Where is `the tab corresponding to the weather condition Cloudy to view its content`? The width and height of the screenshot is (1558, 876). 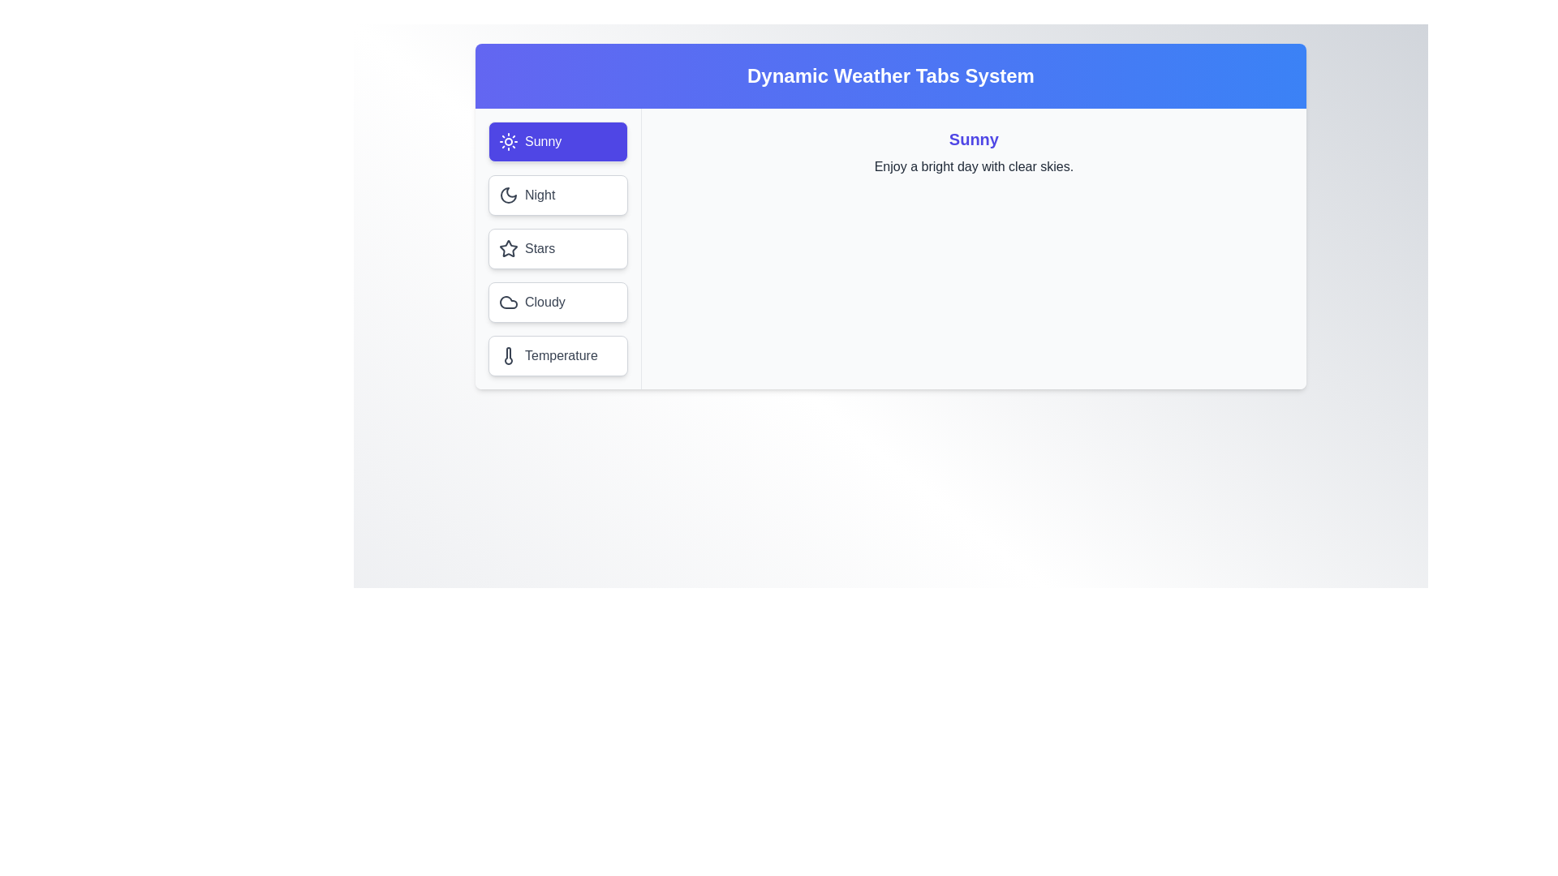
the tab corresponding to the weather condition Cloudy to view its content is located at coordinates (557, 303).